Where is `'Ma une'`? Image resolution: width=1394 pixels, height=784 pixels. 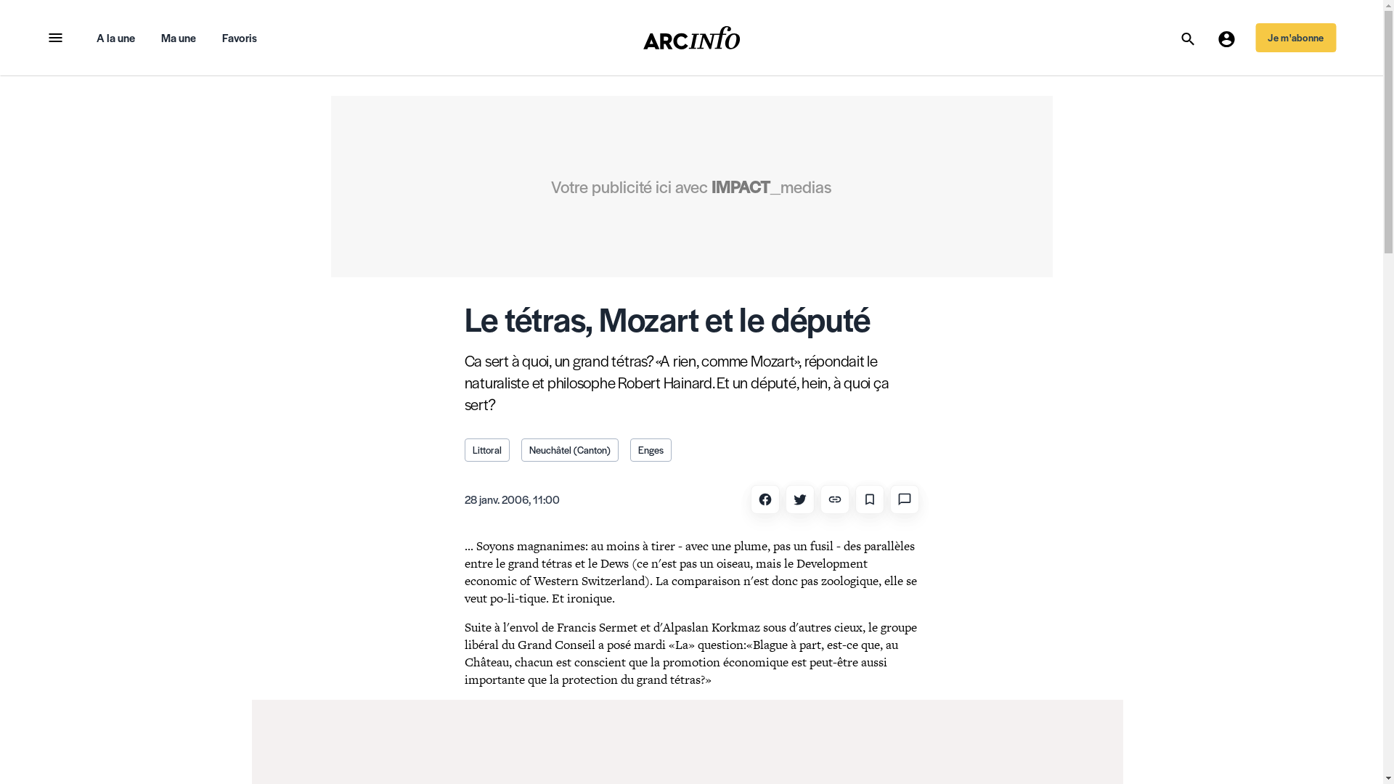 'Ma une' is located at coordinates (177, 36).